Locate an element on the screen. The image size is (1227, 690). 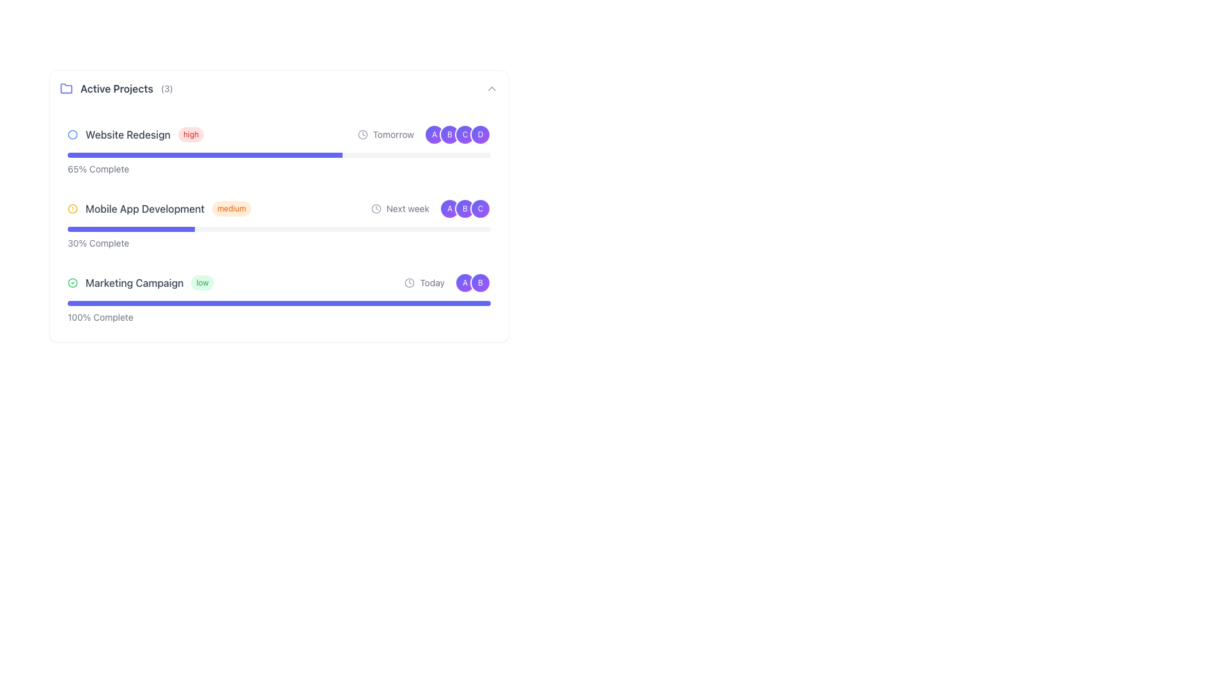
the progress indicator representing 65% completion for the 'Website Redesign' project, located at the top of the 'Active Projects' list is located at coordinates (205, 155).